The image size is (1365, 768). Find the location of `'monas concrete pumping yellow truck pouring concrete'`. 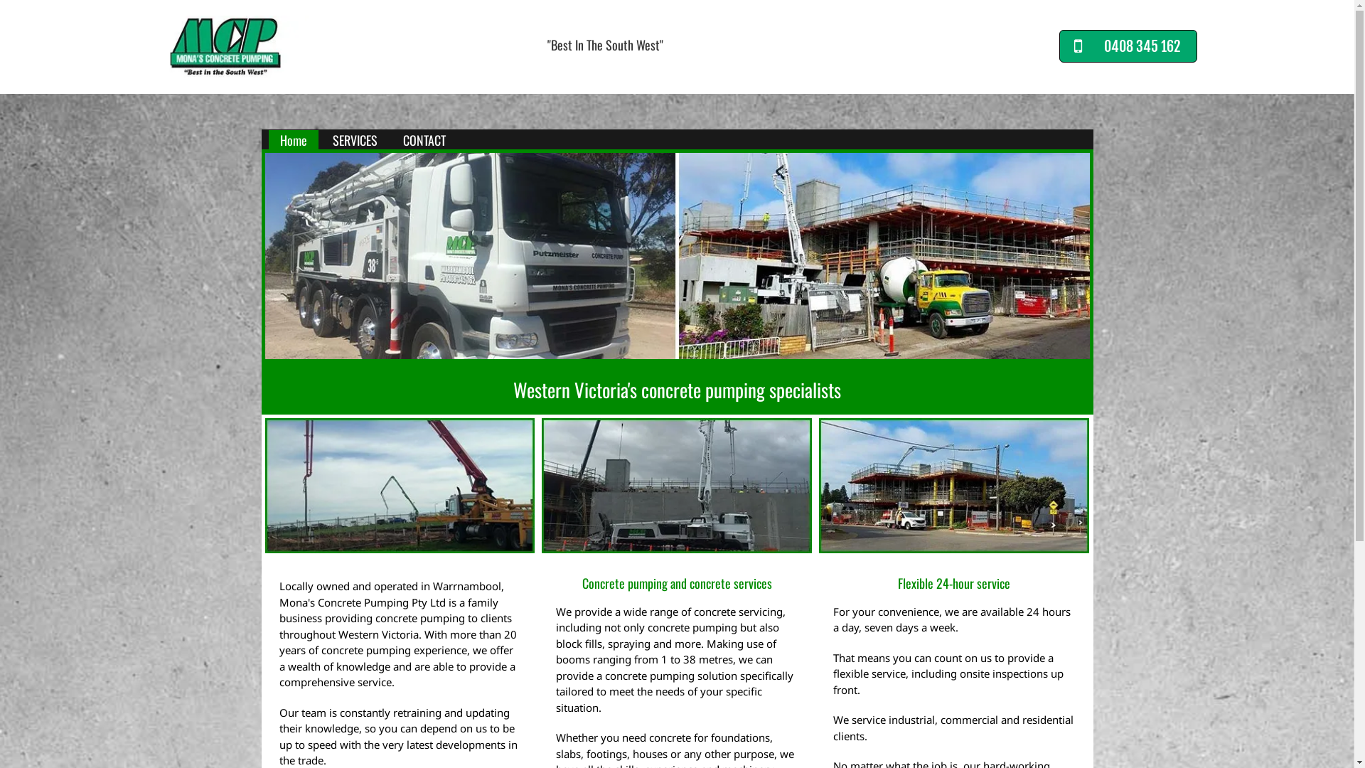

'monas concrete pumping yellow truck pouring concrete' is located at coordinates (398, 484).